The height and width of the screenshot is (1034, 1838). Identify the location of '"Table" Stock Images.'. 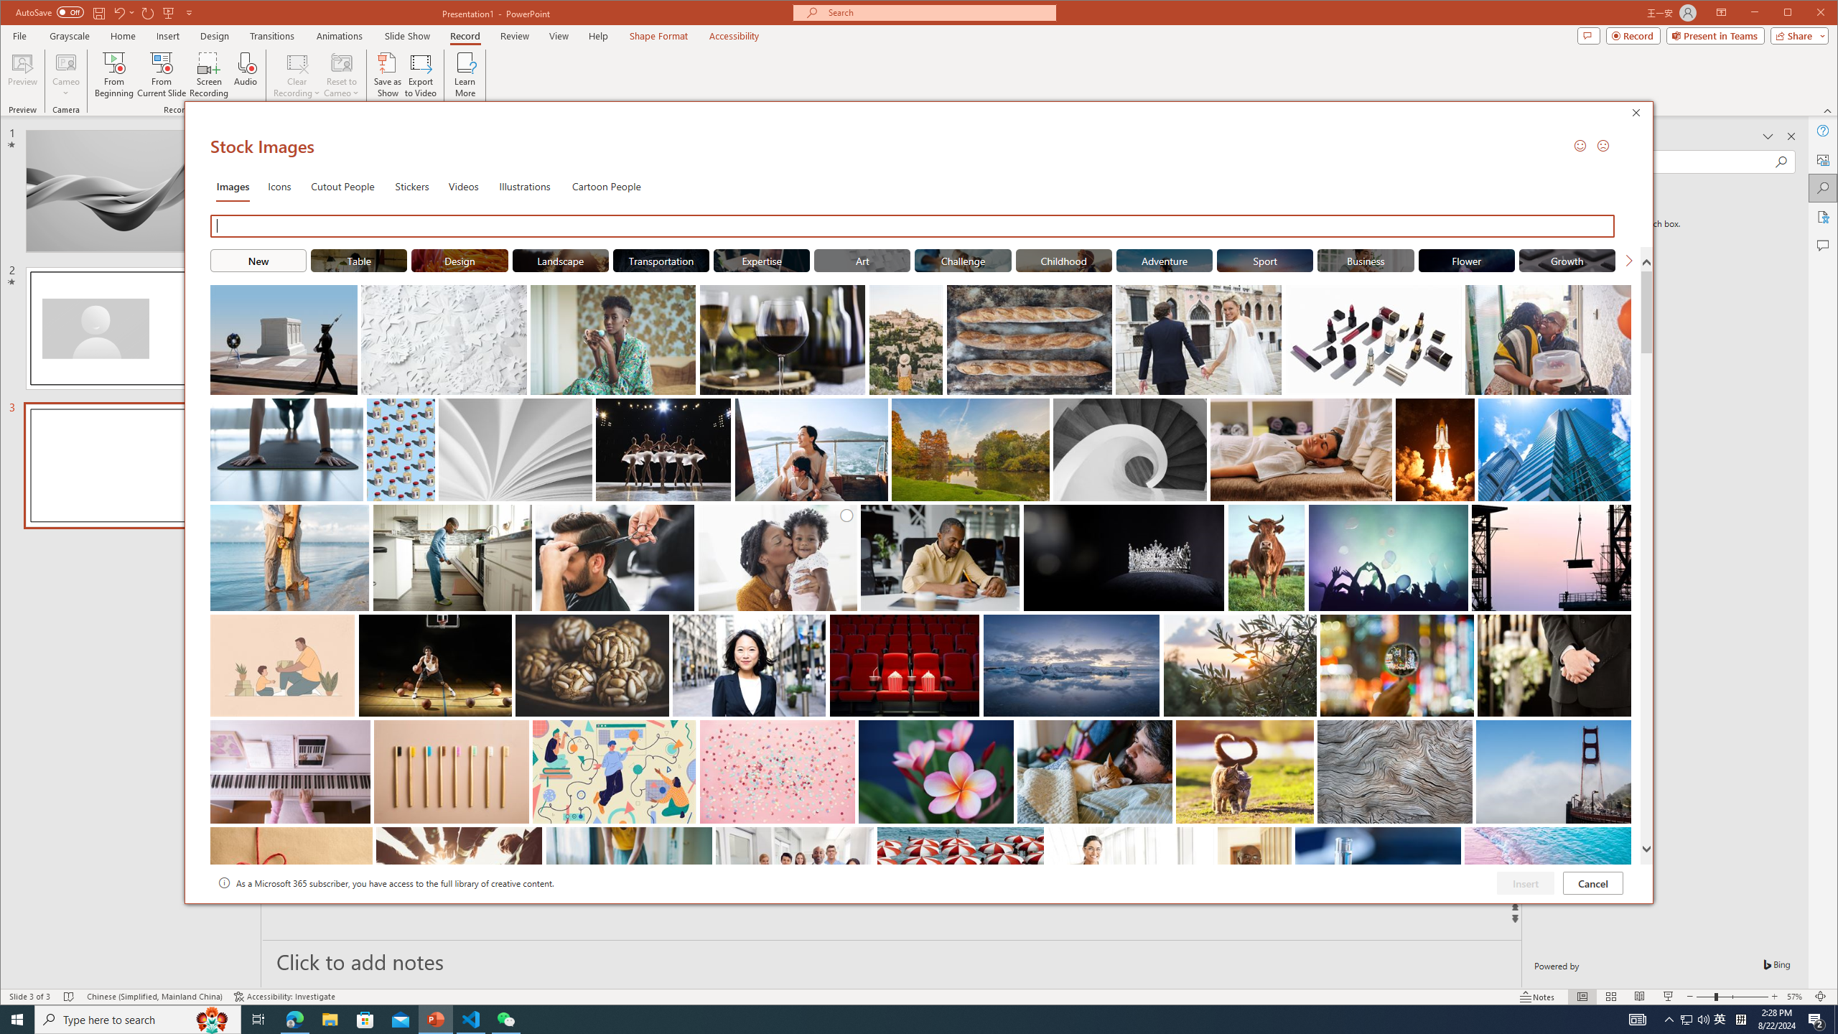
(358, 259).